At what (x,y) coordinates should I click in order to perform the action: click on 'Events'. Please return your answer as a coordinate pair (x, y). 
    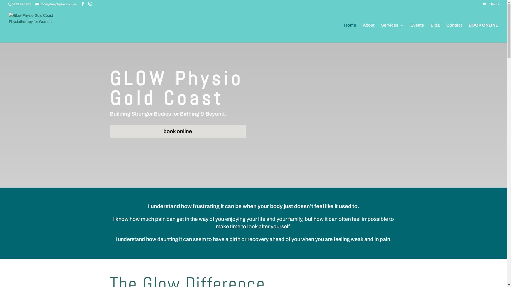
    Looking at the image, I should click on (417, 33).